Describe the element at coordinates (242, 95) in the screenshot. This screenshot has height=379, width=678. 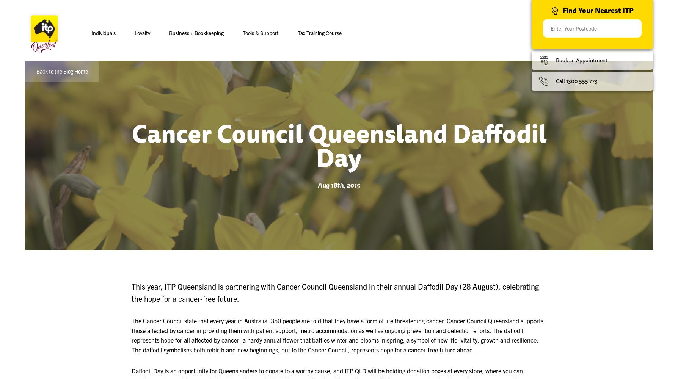
I see `'Business Tax Returns'` at that location.